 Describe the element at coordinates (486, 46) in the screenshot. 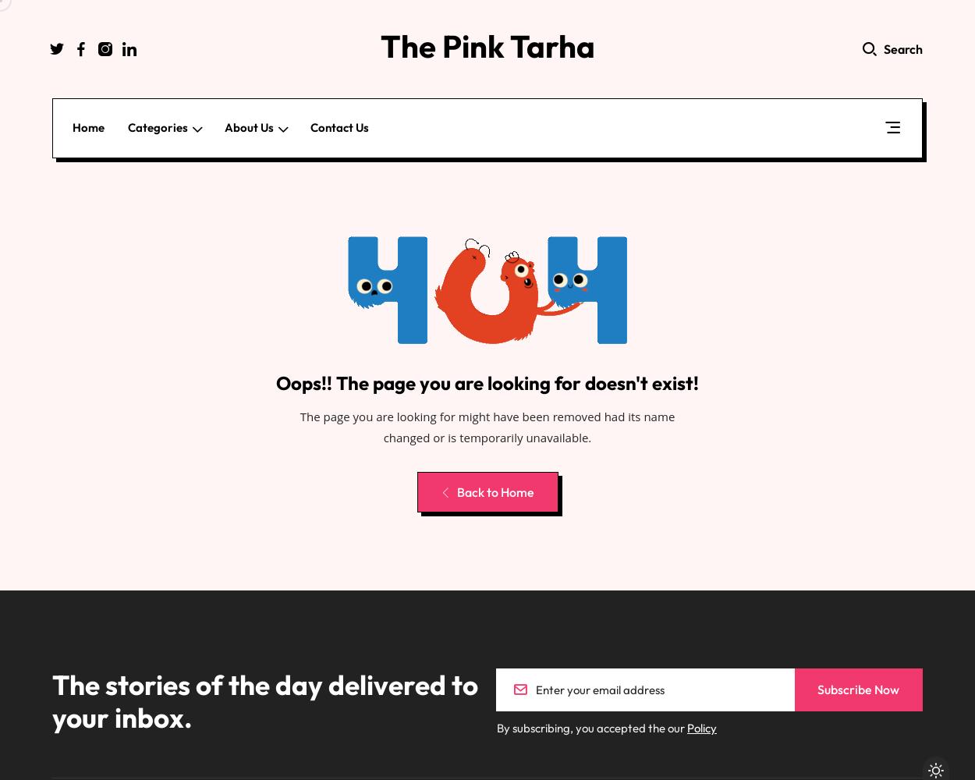

I see `'The Pink Tarha'` at that location.